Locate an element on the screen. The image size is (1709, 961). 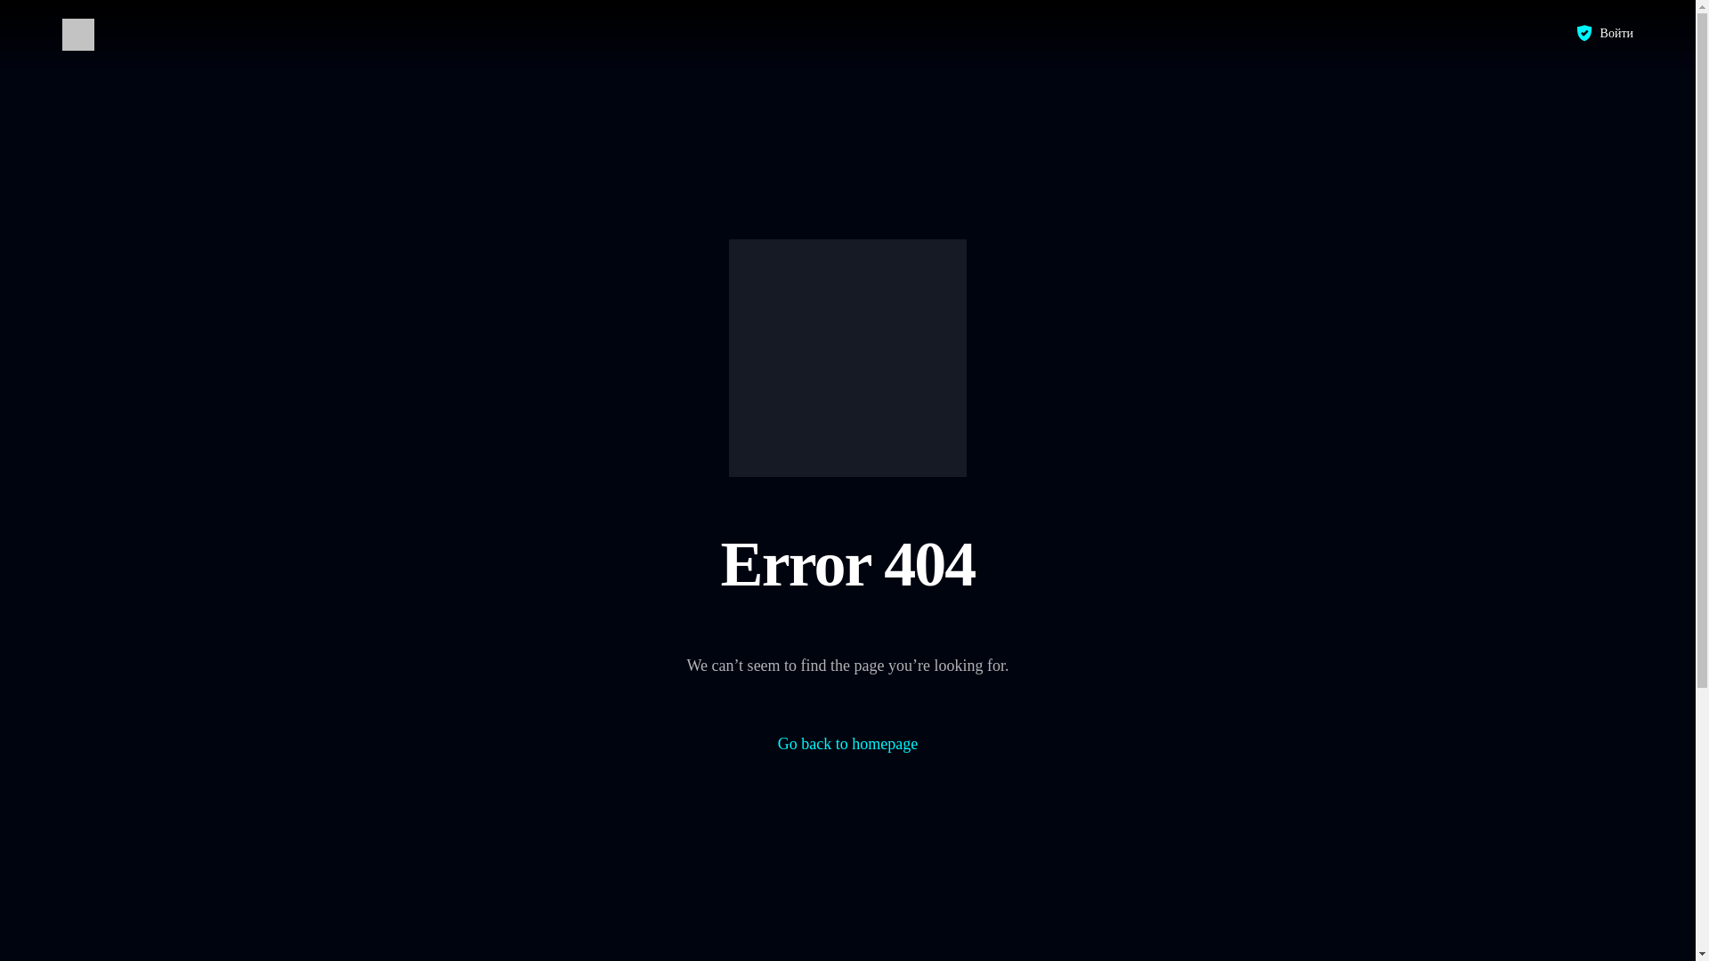
'Go back to homepage' is located at coordinates (846, 744).